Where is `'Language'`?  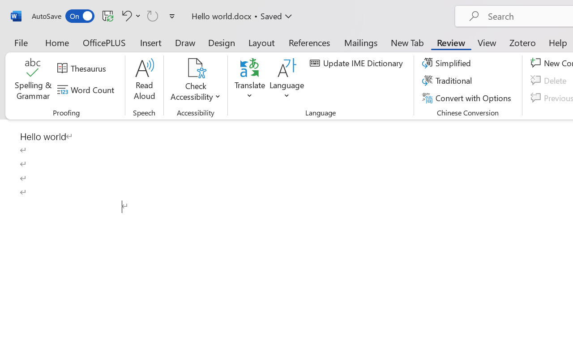 'Language' is located at coordinates (287, 80).